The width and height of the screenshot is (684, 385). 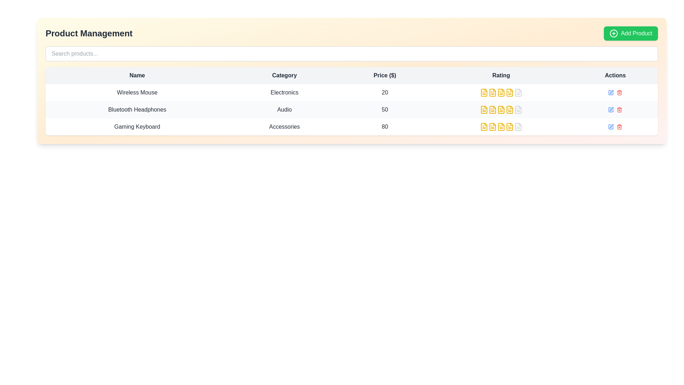 I want to click on the small red trash can icon in the 'Actions' column of the third row of the table, so click(x=619, y=126).